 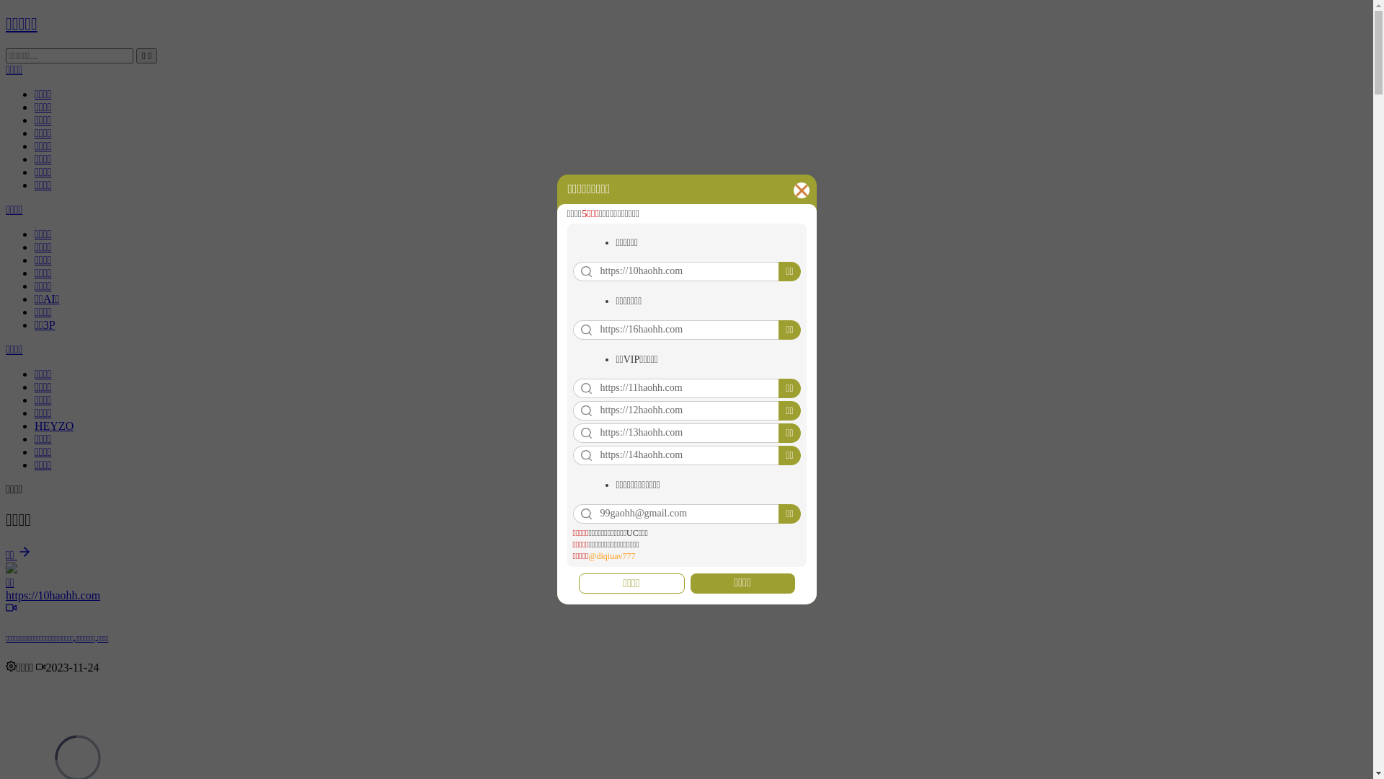 I want to click on '@diqiuav777', so click(x=611, y=555).